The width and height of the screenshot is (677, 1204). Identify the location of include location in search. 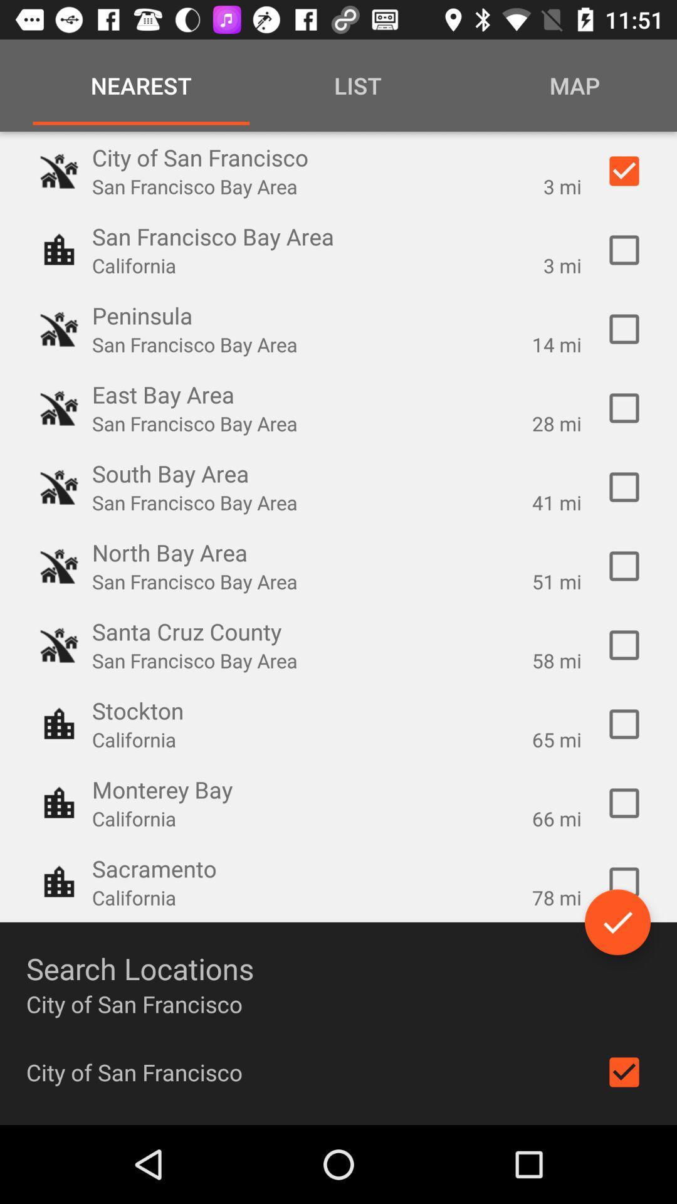
(624, 1071).